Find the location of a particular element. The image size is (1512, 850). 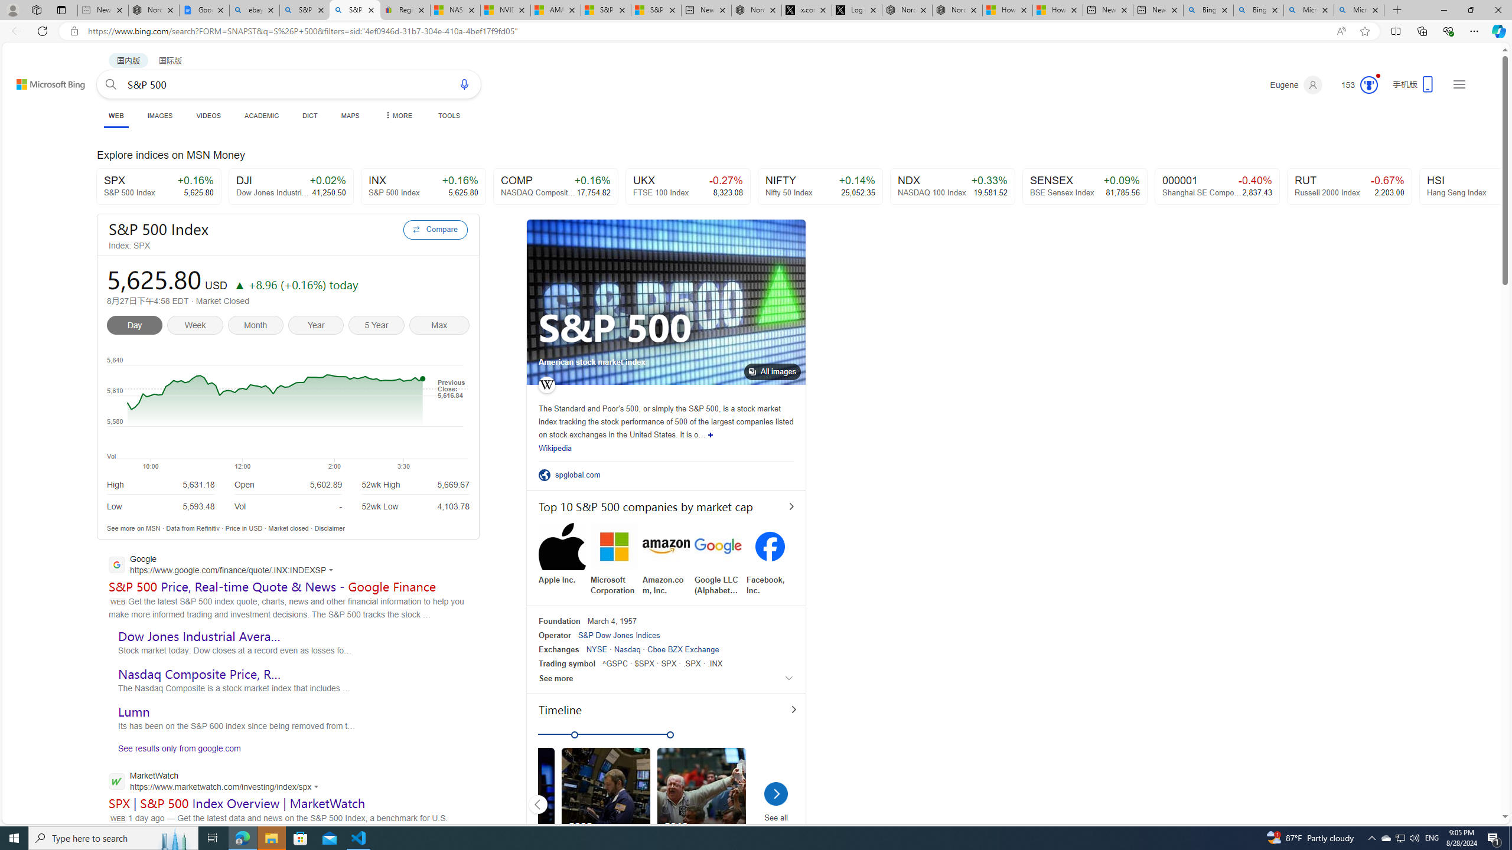

'Lumn' is located at coordinates (133, 712).